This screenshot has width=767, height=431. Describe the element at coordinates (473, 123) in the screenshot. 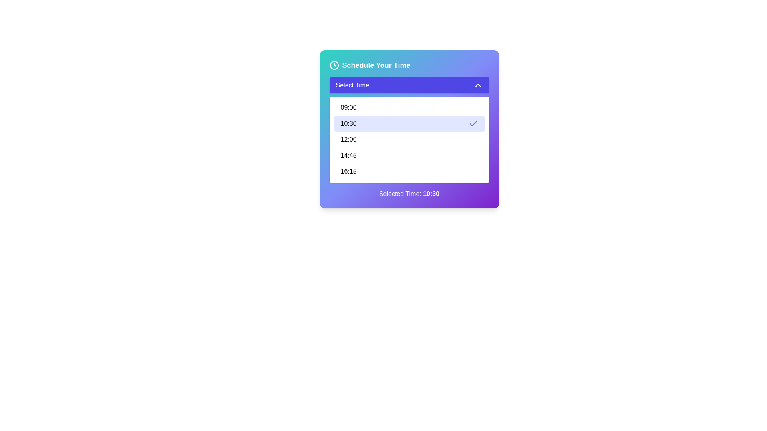

I see `the blue checkmark icon located to the right of the '10:30' text in the highlighted time selection dropdown menu` at that location.